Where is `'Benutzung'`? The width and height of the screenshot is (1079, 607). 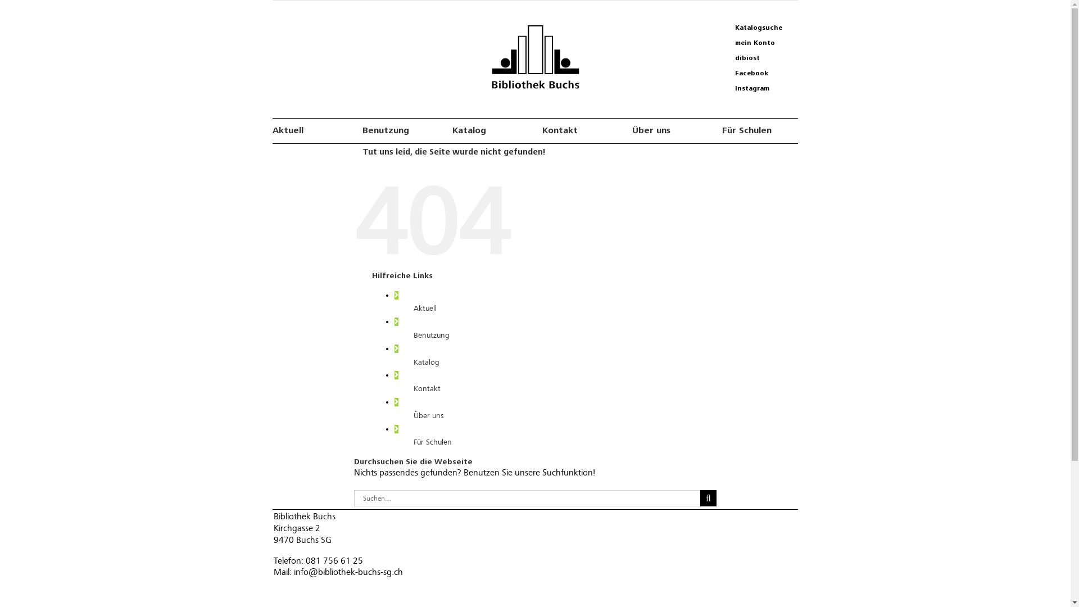 'Benutzung' is located at coordinates (400, 130).